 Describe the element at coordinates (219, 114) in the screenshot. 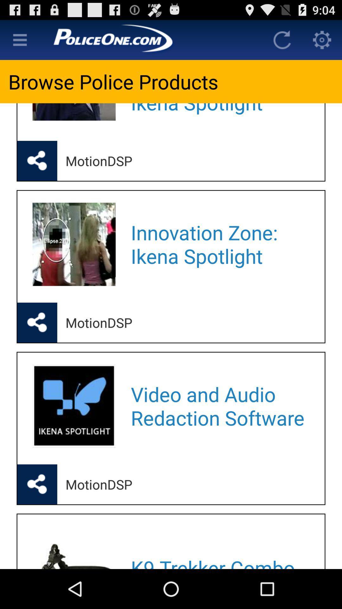

I see `the app below browse police products item` at that location.